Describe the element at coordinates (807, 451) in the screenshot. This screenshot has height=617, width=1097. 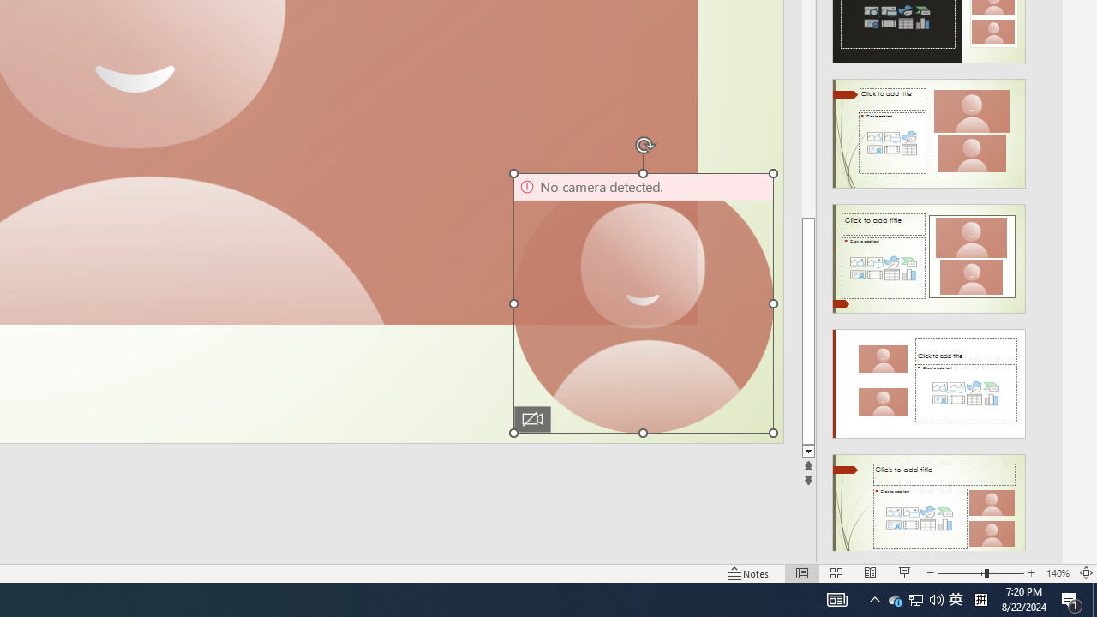
I see `'Line down'` at that location.